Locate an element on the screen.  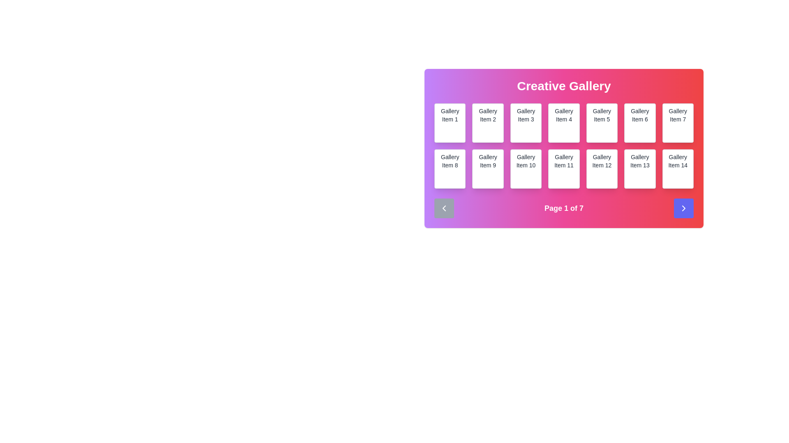
the button located in the bottom-right corner of the pagination interface is located at coordinates (684, 208).